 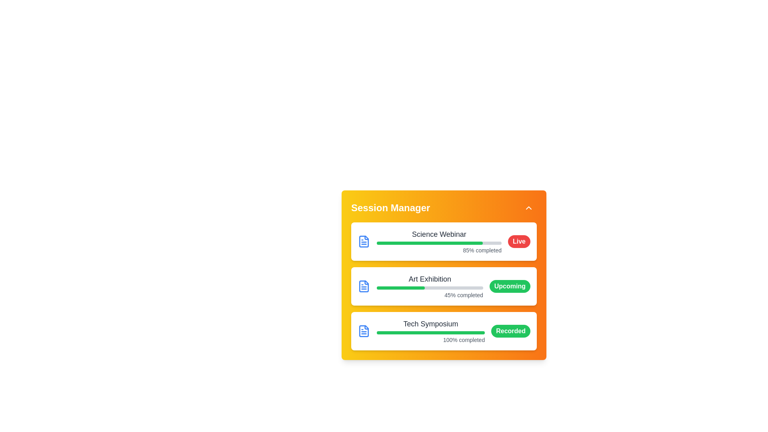 I want to click on the 'Art Exhibition' informational card located in the middle of the vertically stacked list within the 'Session Manager' interface, so click(x=443, y=286).